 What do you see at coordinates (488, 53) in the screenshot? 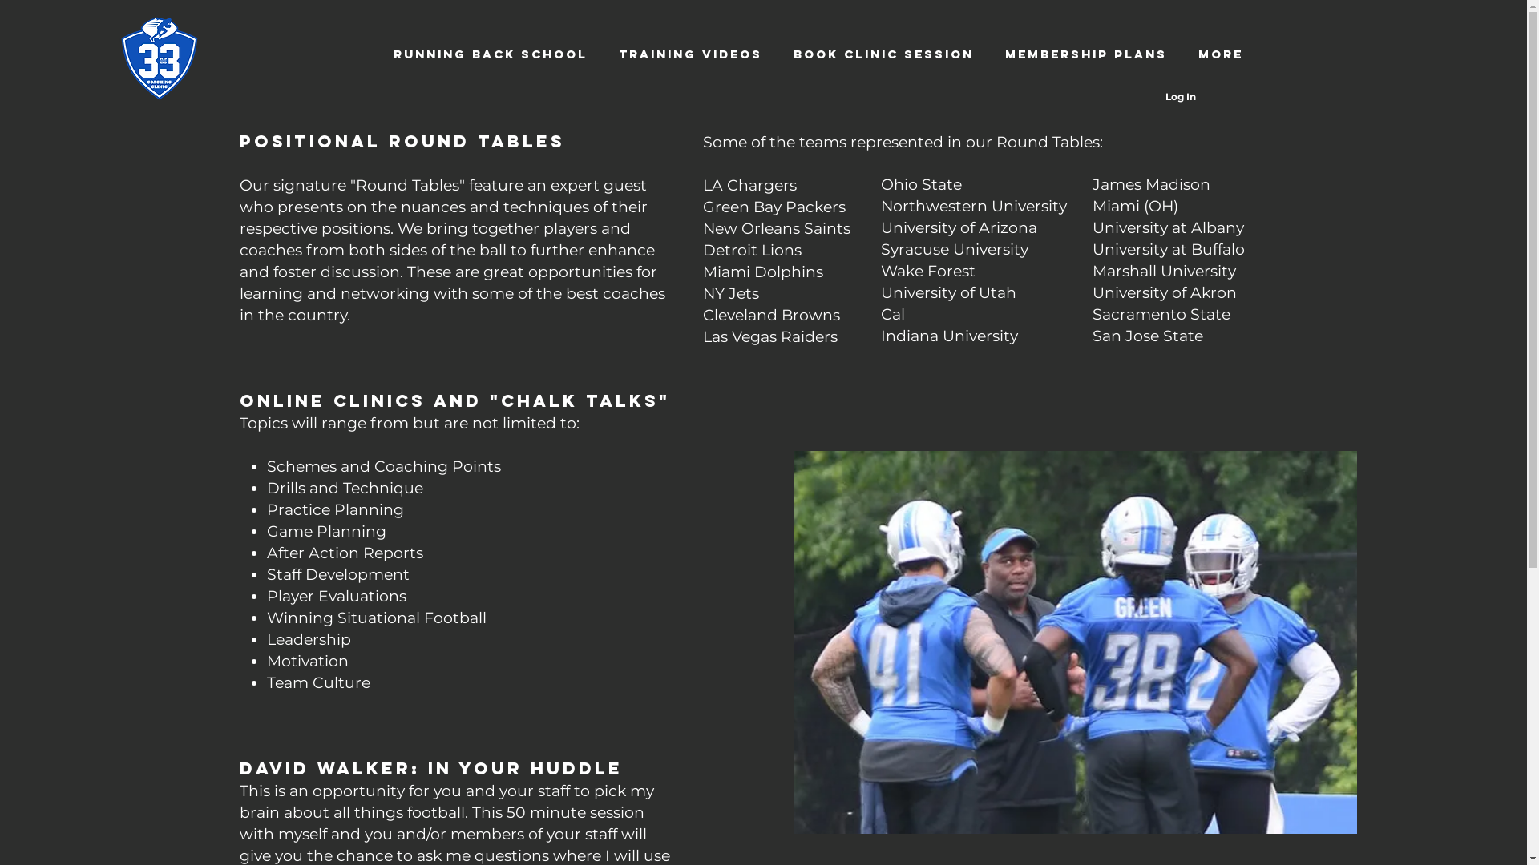
I see `'RUNNING BACK SCHOOL'` at bounding box center [488, 53].